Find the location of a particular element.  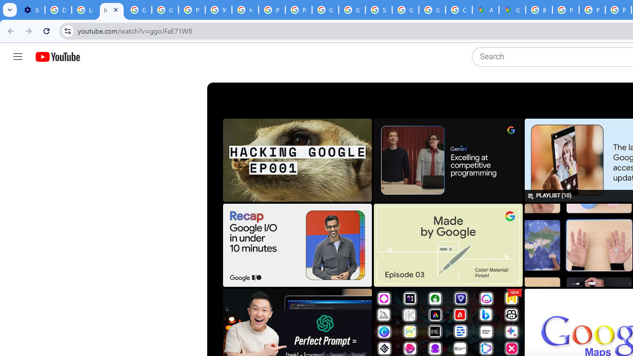

'Privacy Help Center - Policies Help' is located at coordinates (566, 10).